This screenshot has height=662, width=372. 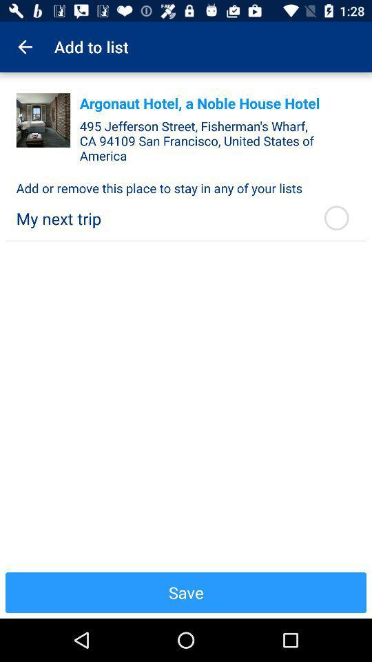 What do you see at coordinates (186, 592) in the screenshot?
I see `save button` at bounding box center [186, 592].